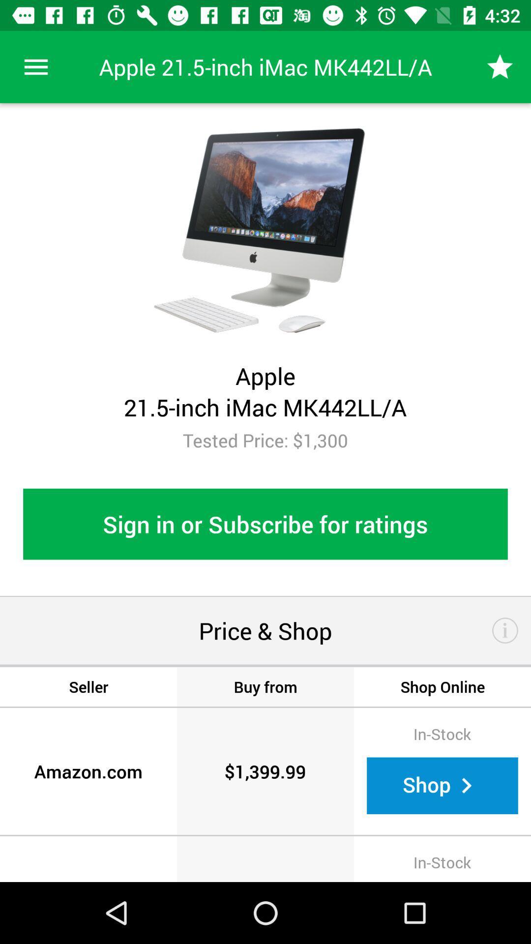 This screenshot has width=531, height=944. What do you see at coordinates (505, 630) in the screenshot?
I see `more information on product` at bounding box center [505, 630].